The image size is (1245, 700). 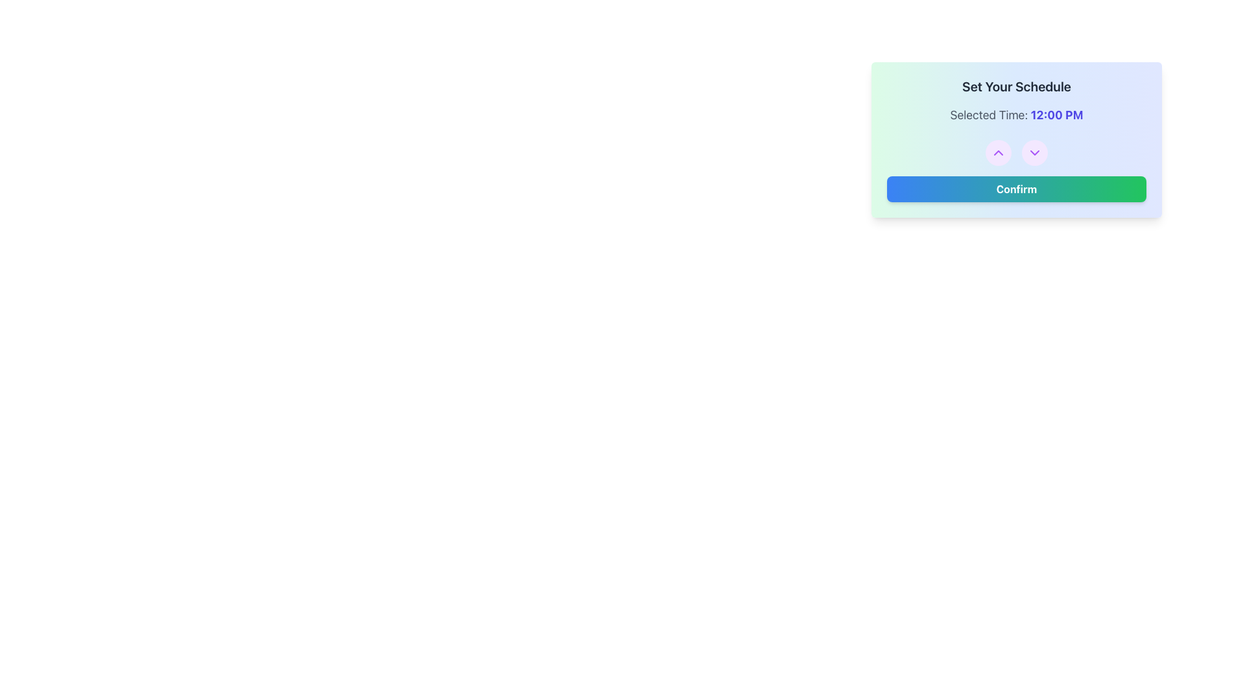 I want to click on the circular button with a light purple background containing an upward-facing chevron icon, located to the left of a downward-facing chevron button in a horizontal group beneath the selected time label, so click(x=998, y=152).